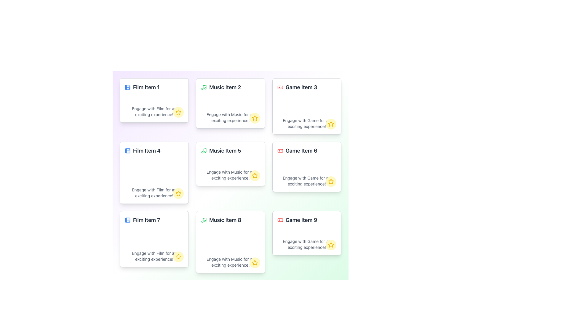 Image resolution: width=569 pixels, height=320 pixels. What do you see at coordinates (255, 263) in the screenshot?
I see `the star-shaped icon button outlined in gold within a light yellow circular background located at the bottom-right corner of the 'Music Item 8' card to favorite the item` at bounding box center [255, 263].